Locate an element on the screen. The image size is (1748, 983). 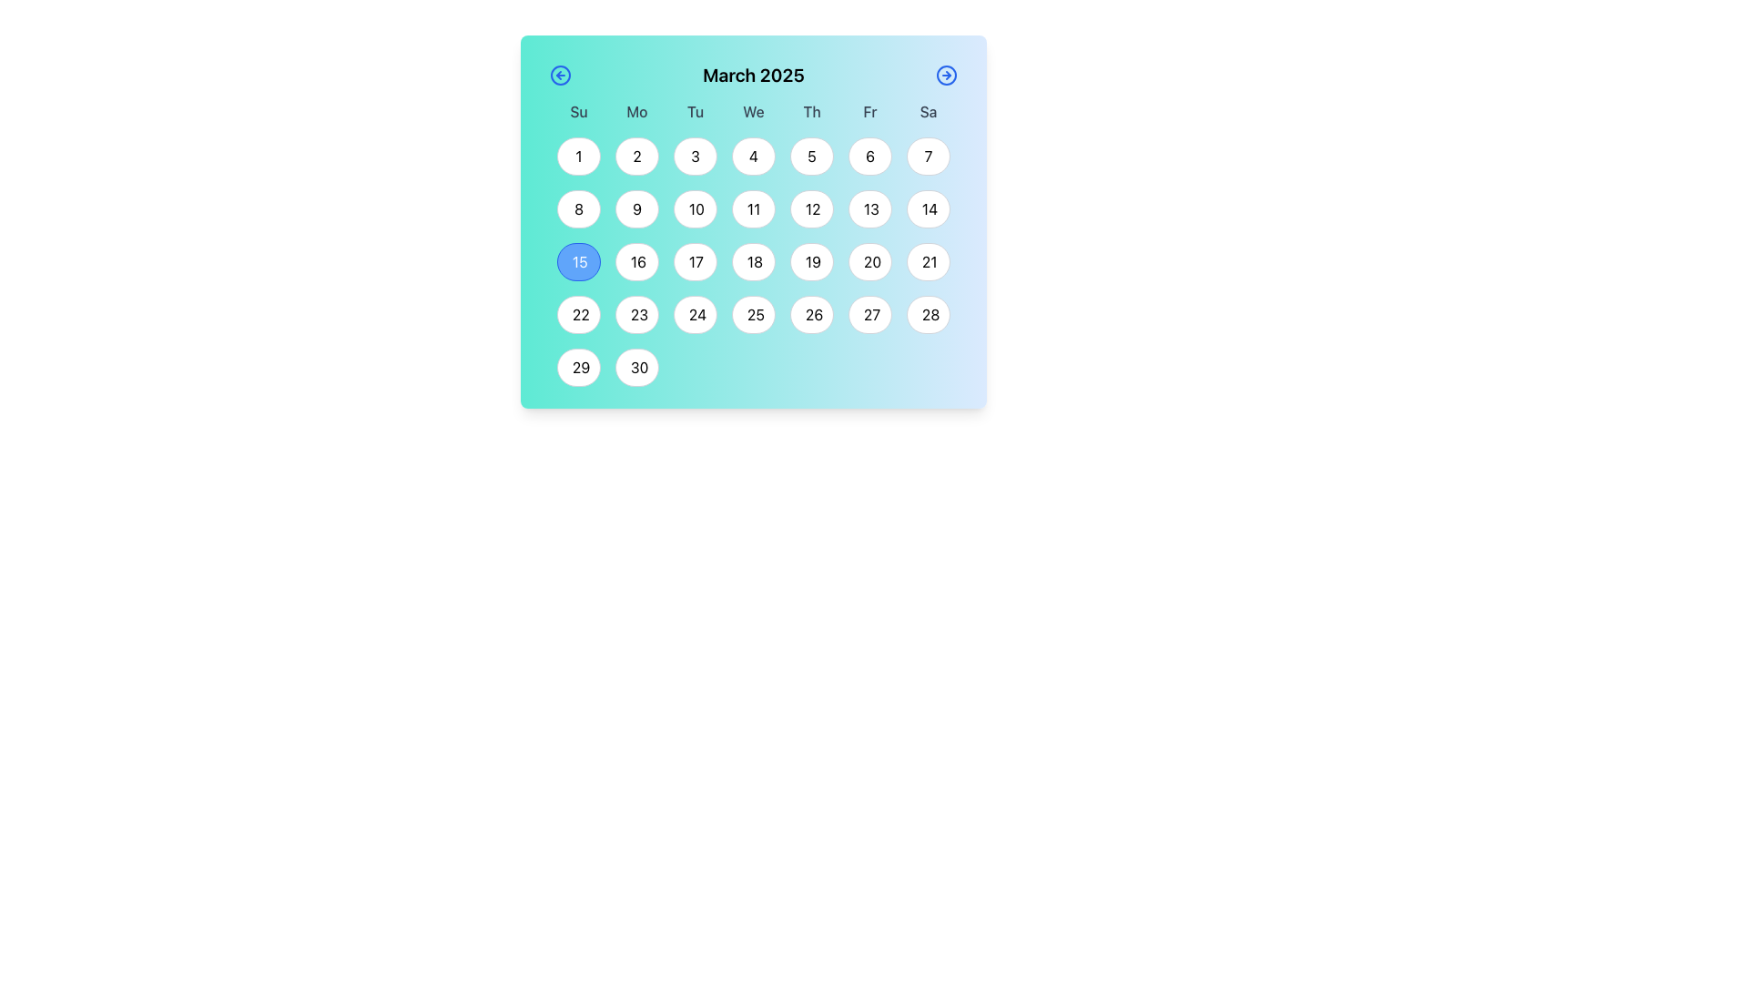
the circular button displaying '30' in bold black text is located at coordinates (637, 368).